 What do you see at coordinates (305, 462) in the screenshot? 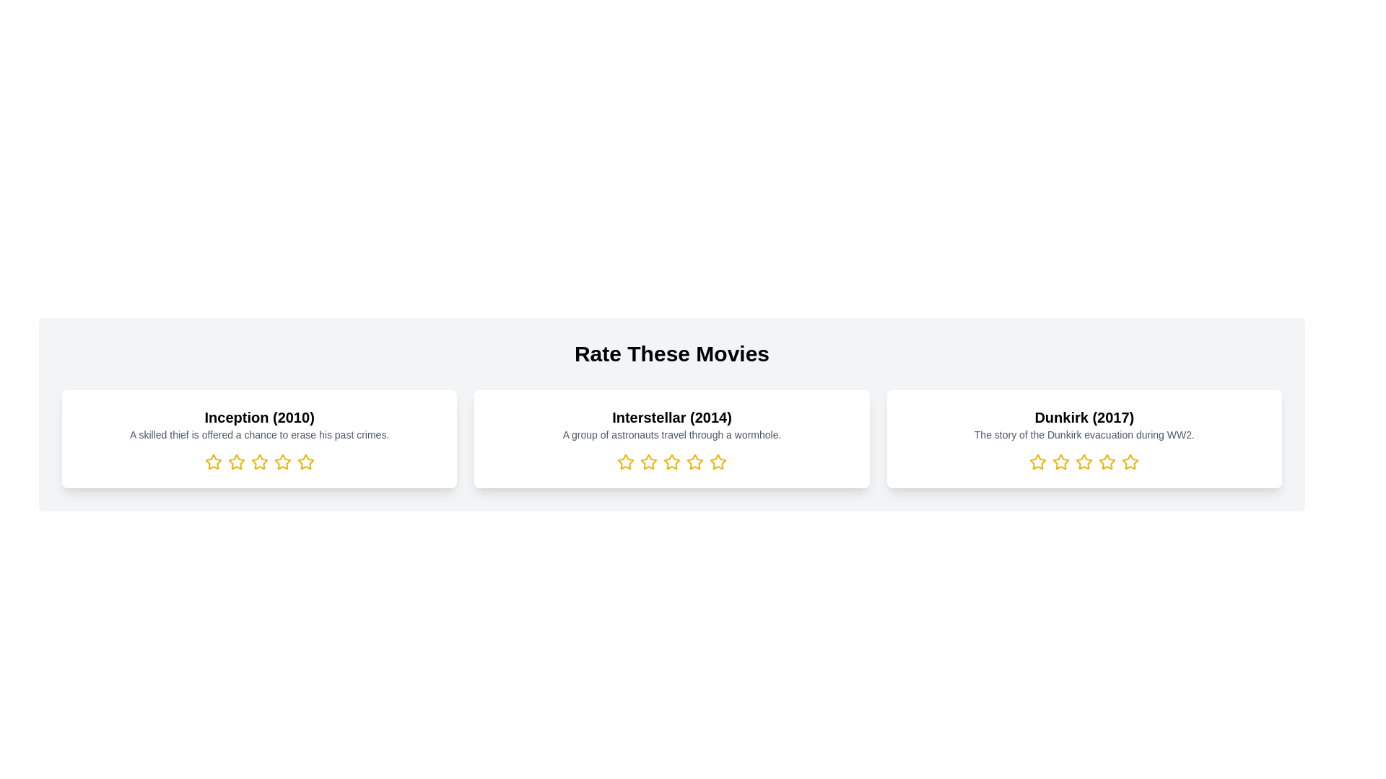
I see `the rating for a movie to 5 stars` at bounding box center [305, 462].